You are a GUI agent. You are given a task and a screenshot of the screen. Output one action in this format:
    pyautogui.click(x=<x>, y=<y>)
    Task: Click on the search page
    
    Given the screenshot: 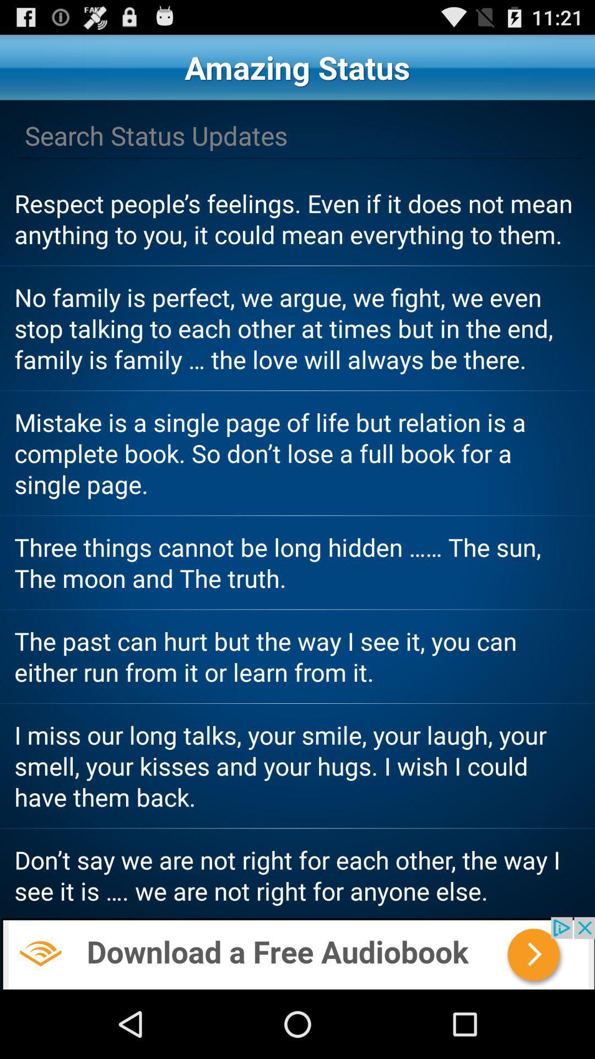 What is the action you would take?
    pyautogui.click(x=297, y=135)
    